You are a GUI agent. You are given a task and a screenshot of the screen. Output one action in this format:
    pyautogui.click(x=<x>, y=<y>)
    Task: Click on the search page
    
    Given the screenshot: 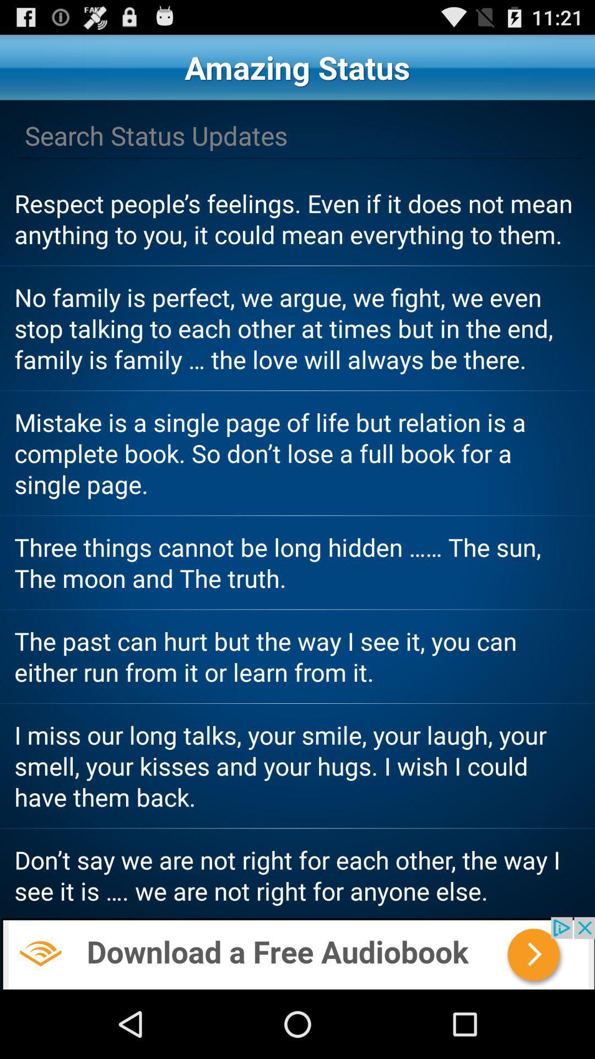 What is the action you would take?
    pyautogui.click(x=297, y=135)
    